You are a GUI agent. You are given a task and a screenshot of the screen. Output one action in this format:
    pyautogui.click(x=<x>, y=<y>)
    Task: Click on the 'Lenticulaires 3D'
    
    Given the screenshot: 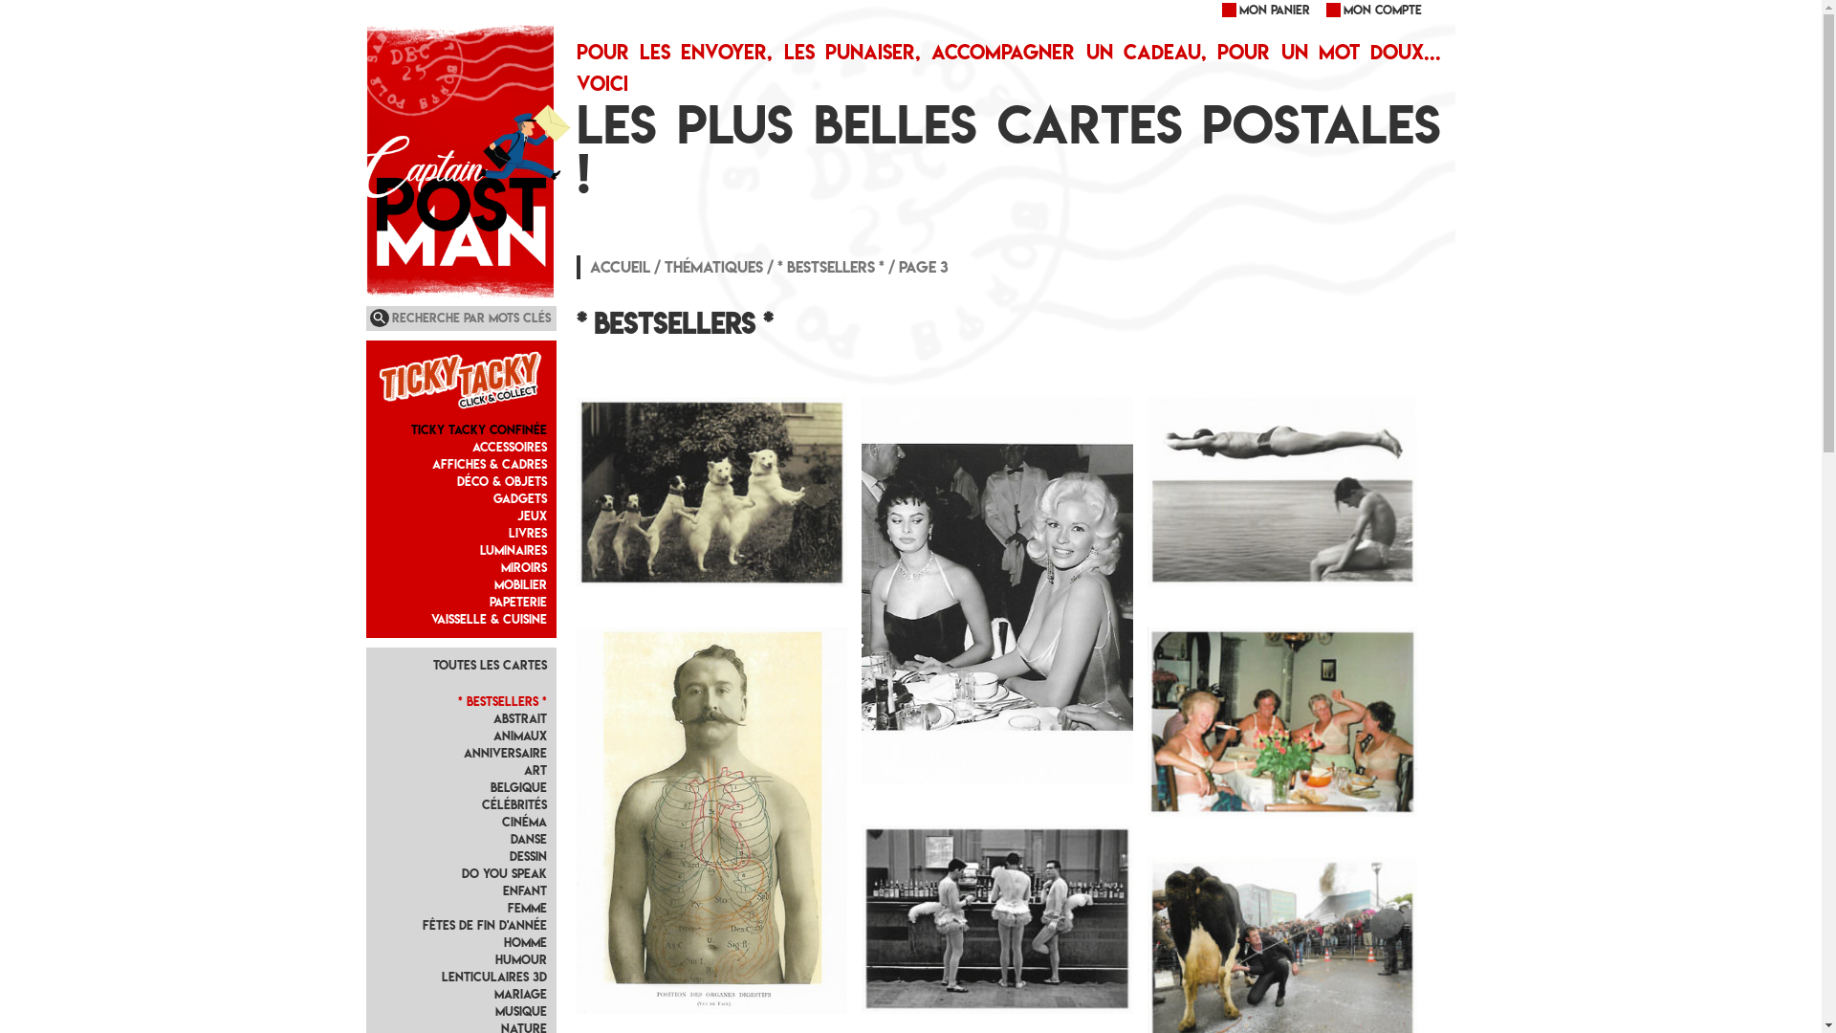 What is the action you would take?
    pyautogui.click(x=494, y=977)
    